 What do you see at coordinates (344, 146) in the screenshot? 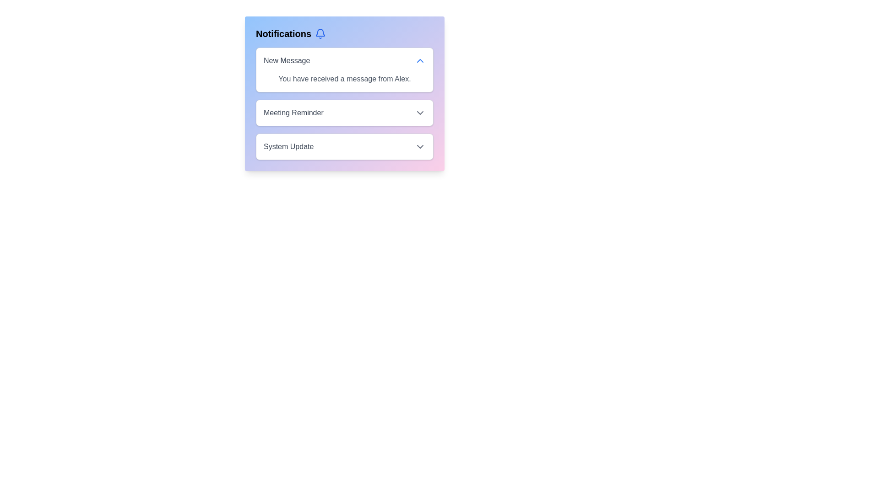
I see `the 'System Update' dropdown menu located in the notifications panel` at bounding box center [344, 146].